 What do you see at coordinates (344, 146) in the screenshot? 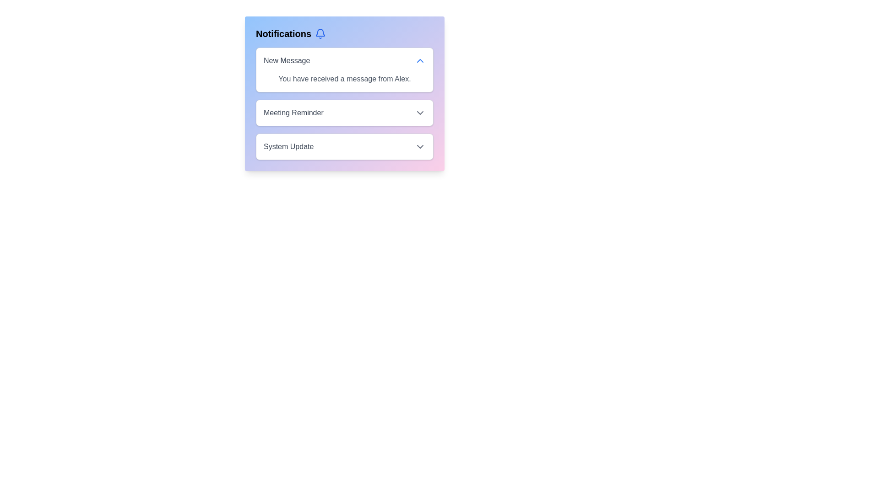
I see `the 'System Update' dropdown menu located in the notifications panel` at bounding box center [344, 146].